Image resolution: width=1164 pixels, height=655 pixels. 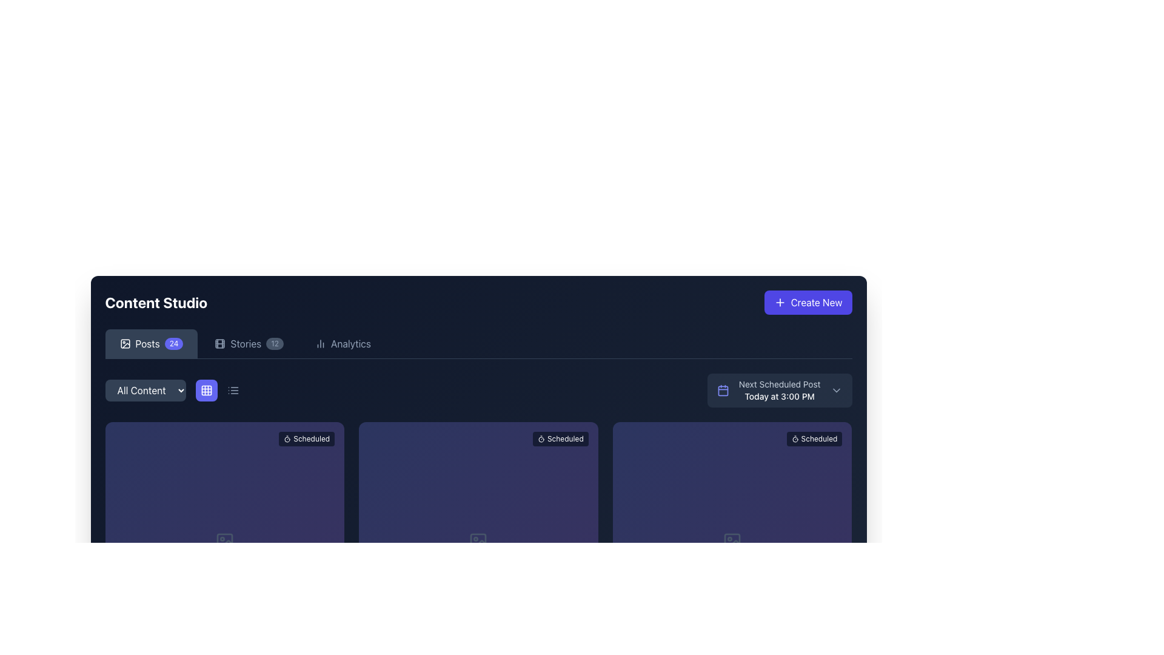 I want to click on the minimalist SVG icon representing an image or photo located at the bottom center of its grid cell, so click(x=478, y=541).